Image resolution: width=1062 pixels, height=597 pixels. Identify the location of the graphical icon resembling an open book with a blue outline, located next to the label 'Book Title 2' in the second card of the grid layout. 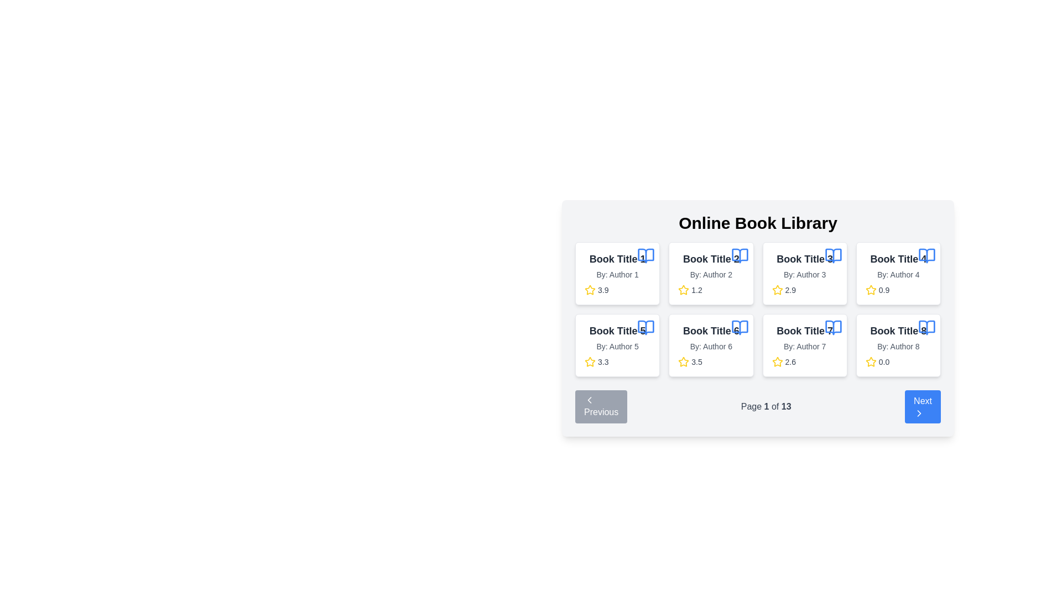
(740, 255).